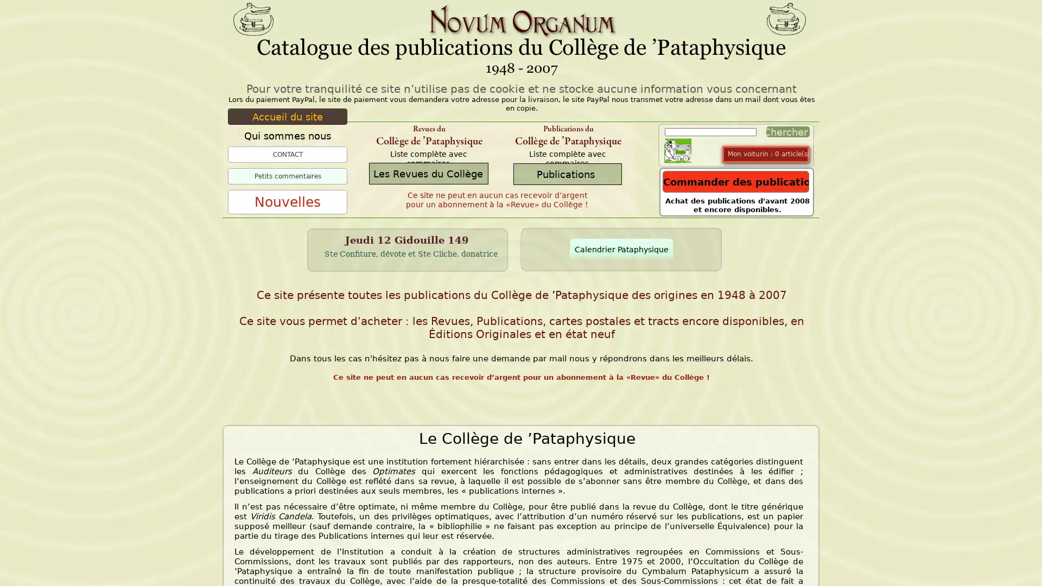 Image resolution: width=1042 pixels, height=586 pixels. I want to click on Mon voiturin : 0 article(s), so click(768, 154).